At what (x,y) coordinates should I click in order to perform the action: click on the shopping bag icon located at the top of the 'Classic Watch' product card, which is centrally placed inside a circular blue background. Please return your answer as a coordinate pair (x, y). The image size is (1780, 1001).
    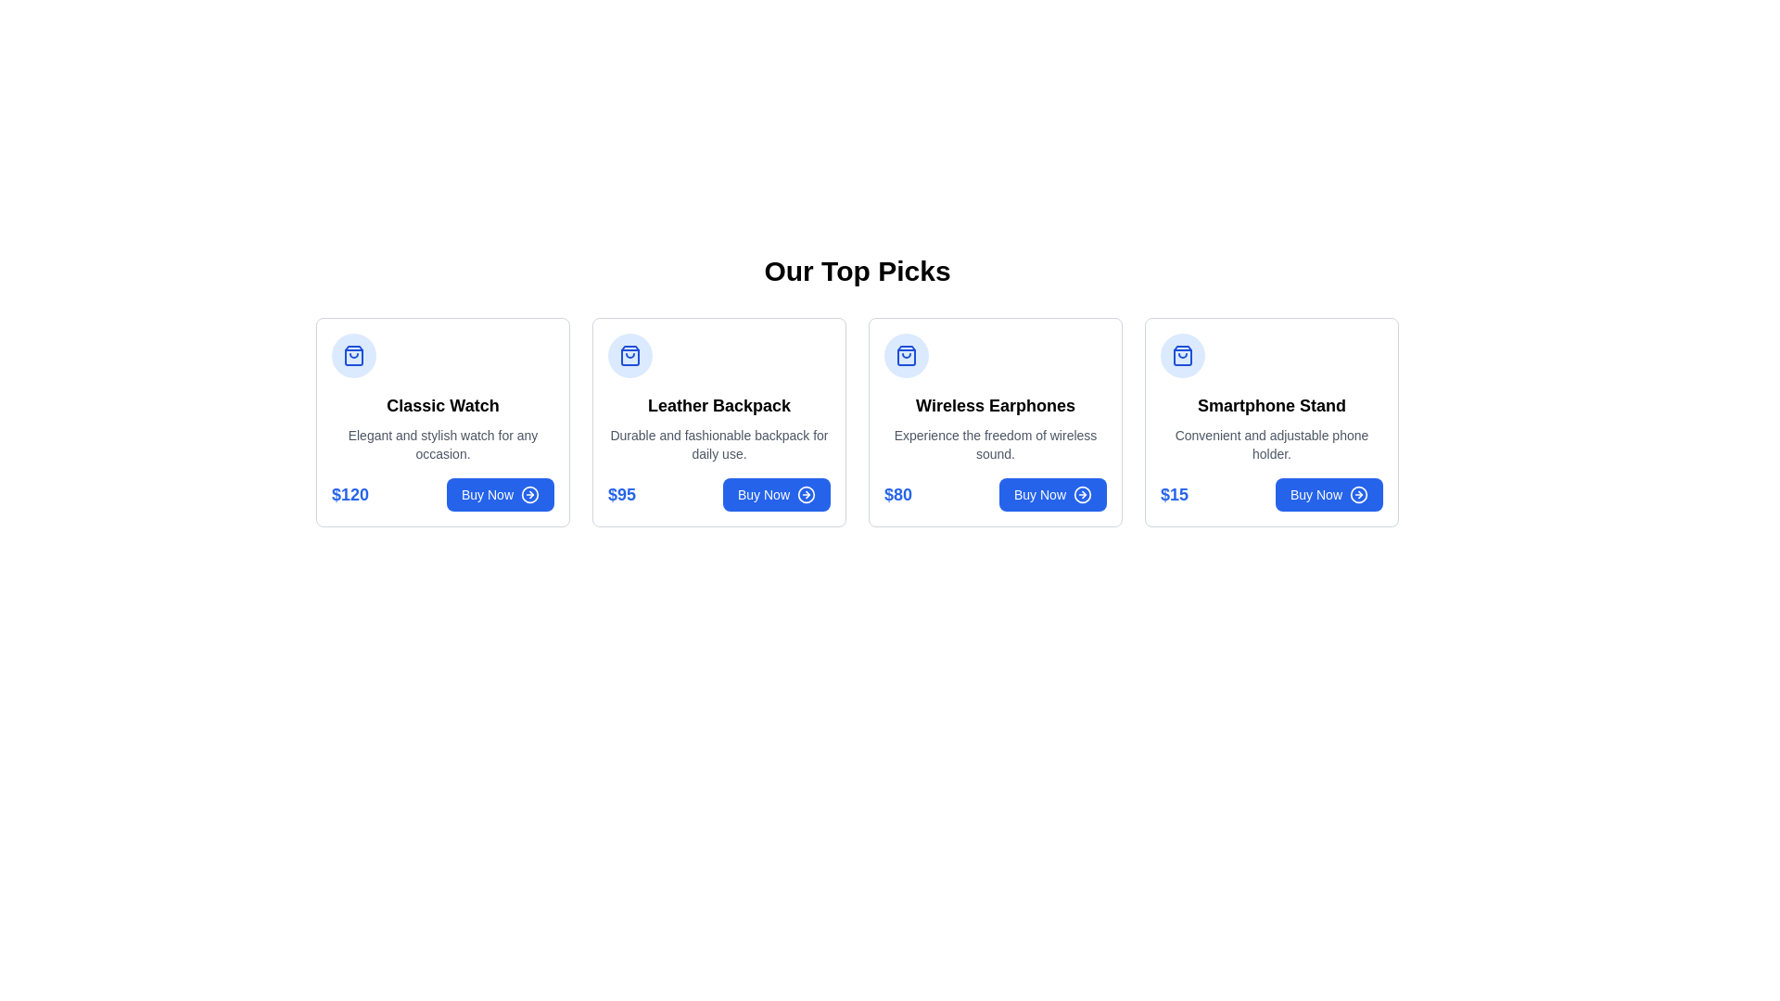
    Looking at the image, I should click on (354, 356).